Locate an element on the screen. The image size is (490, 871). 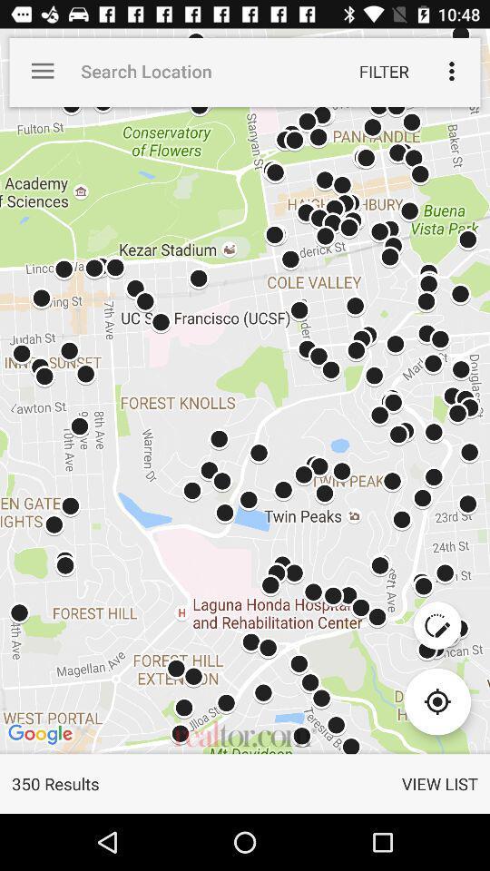
the app next to filter item is located at coordinates (450, 71).